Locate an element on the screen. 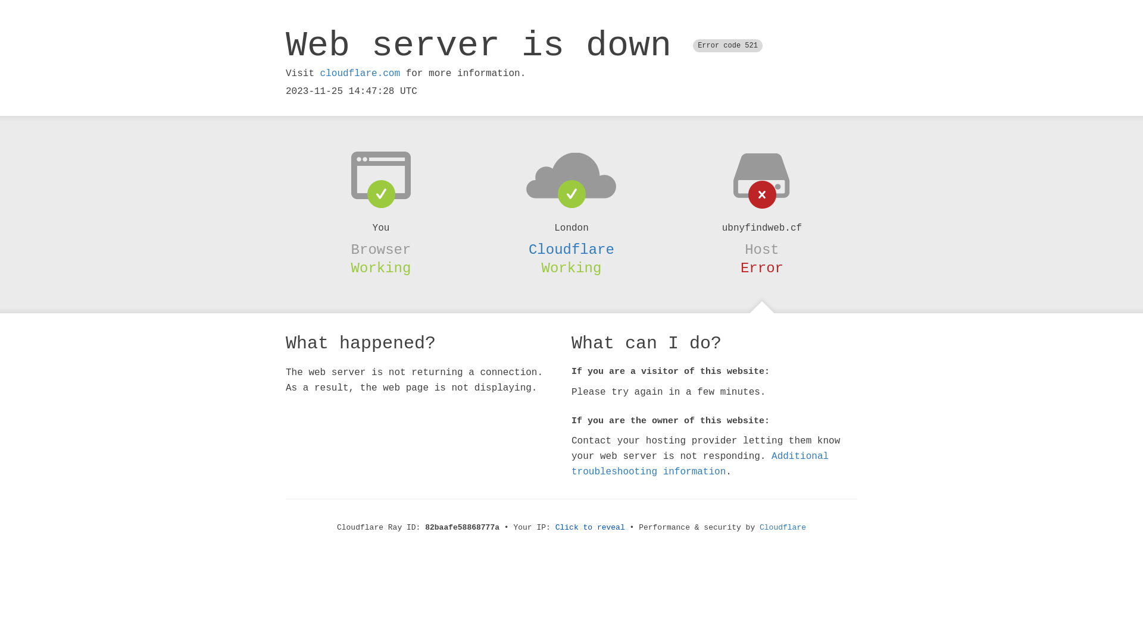  'Additional troubleshooting information' is located at coordinates (700, 463).